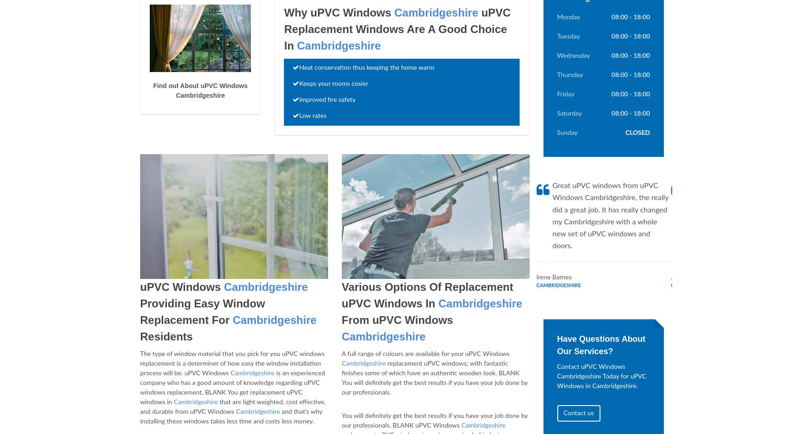  Describe the element at coordinates (686, 277) in the screenshot. I see `'Jason Price'` at that location.